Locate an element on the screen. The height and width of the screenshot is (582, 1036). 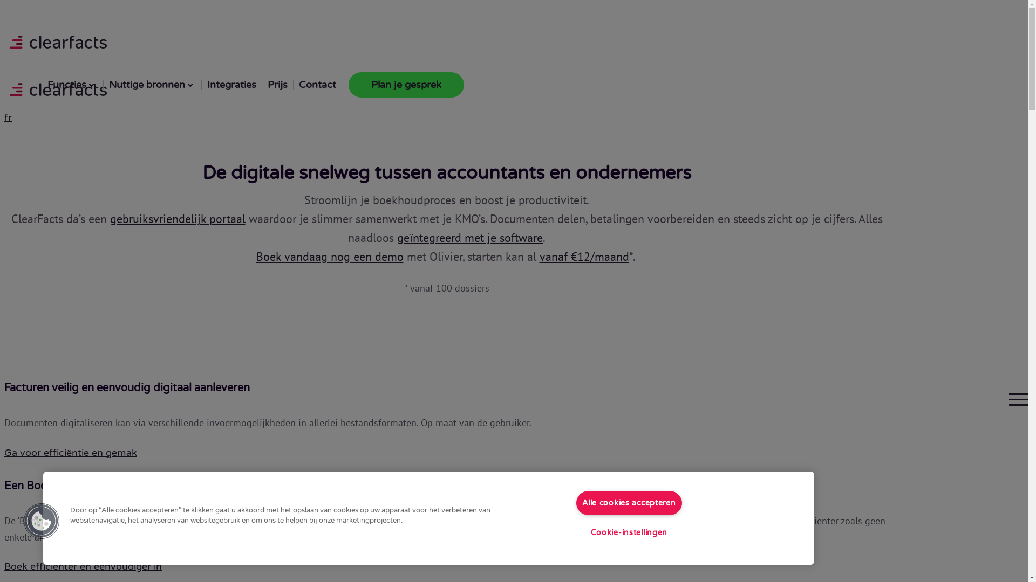
'Functies' is located at coordinates (72, 84).